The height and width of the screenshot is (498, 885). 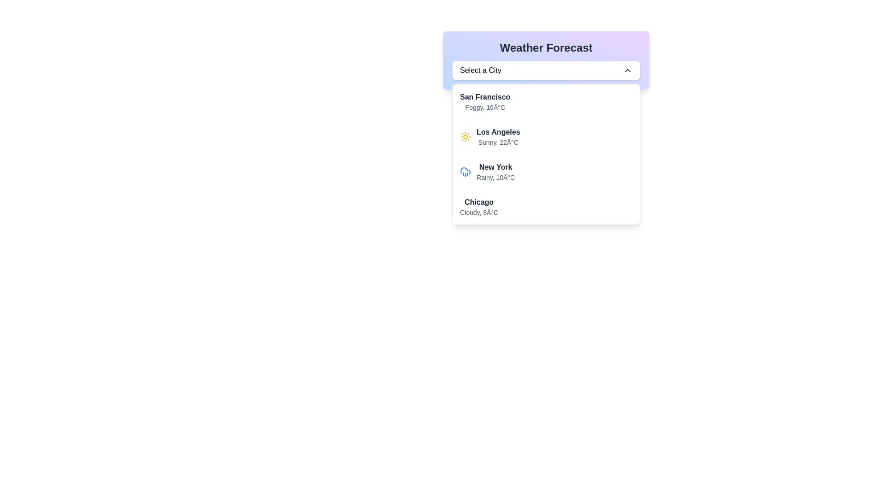 What do you see at coordinates (627, 70) in the screenshot?
I see `the upward-pointing chevron icon located at the right end of the dropdown menu labeled 'Select a City'` at bounding box center [627, 70].